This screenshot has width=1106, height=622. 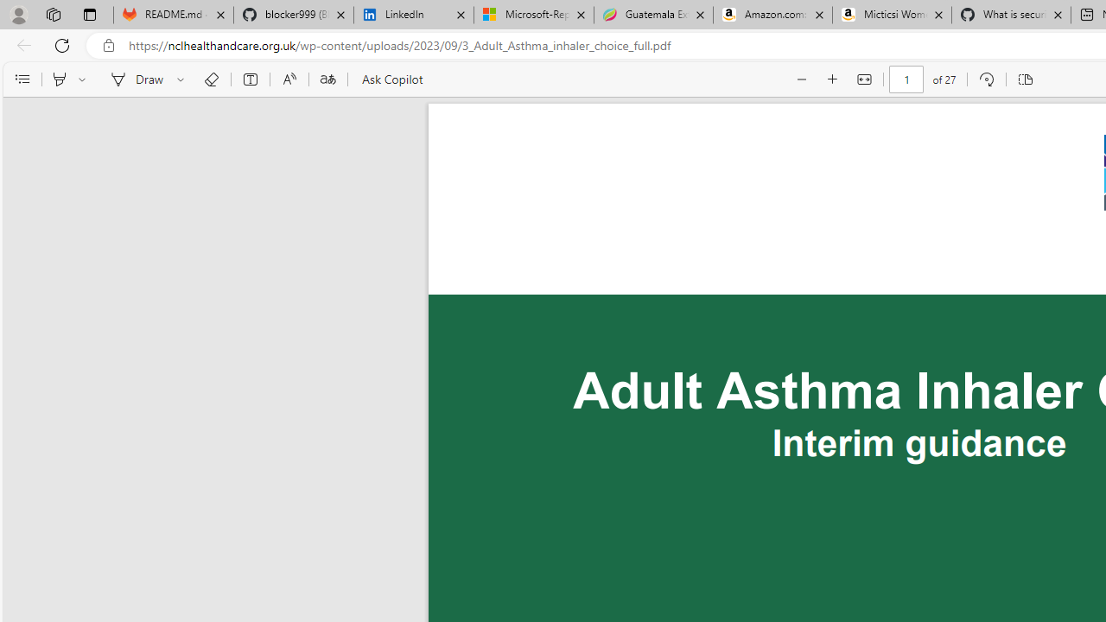 I want to click on 'Read aloud', so click(x=289, y=79).